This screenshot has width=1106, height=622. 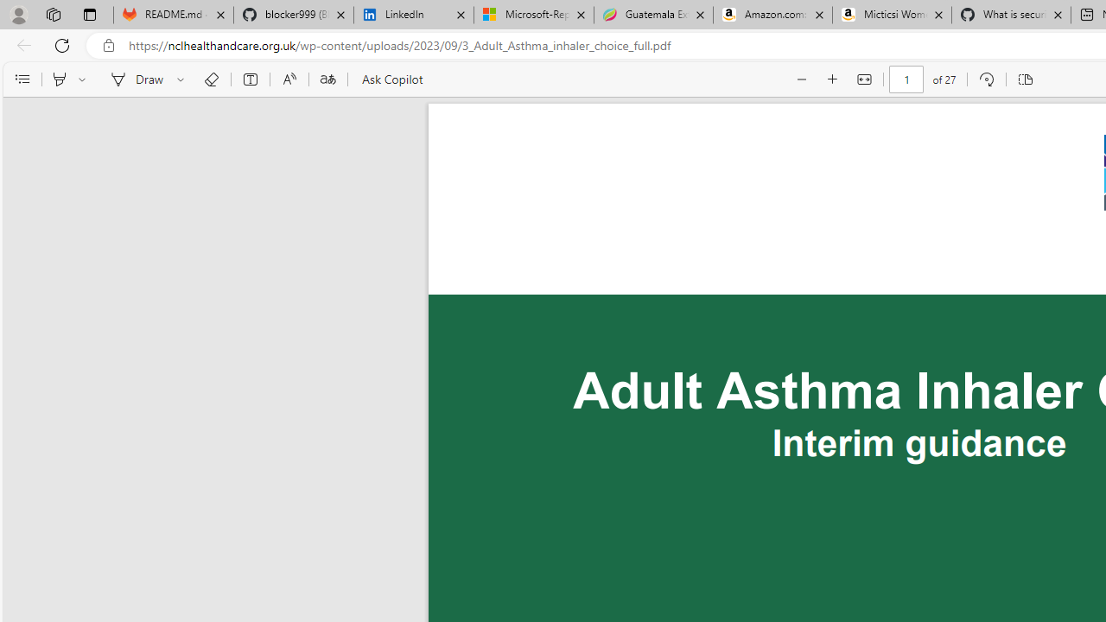 I want to click on 'Read aloud', so click(x=289, y=79).